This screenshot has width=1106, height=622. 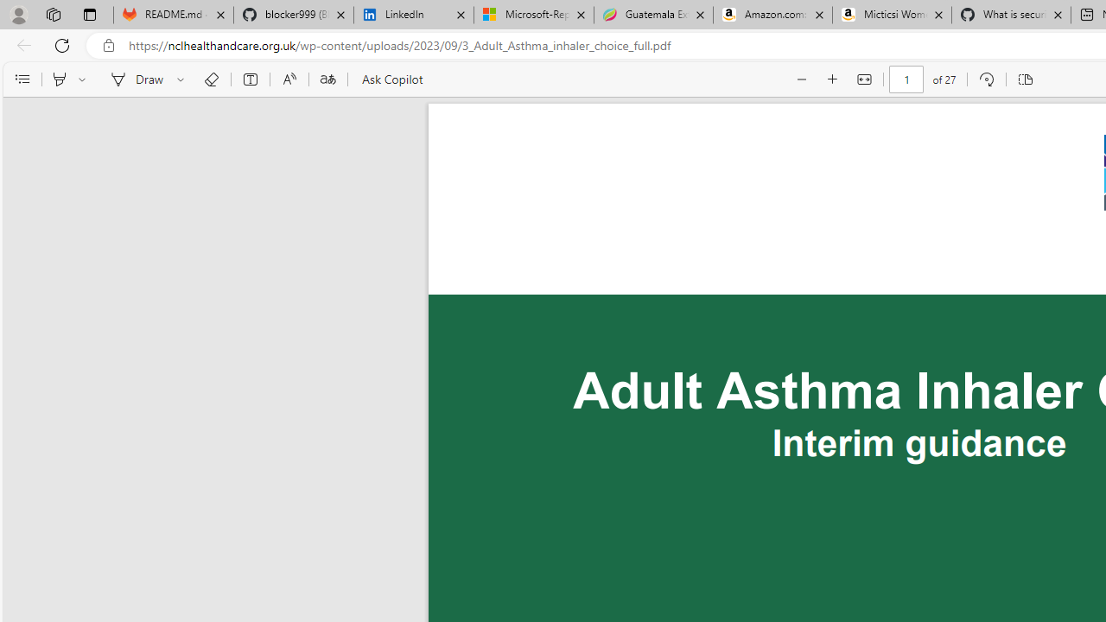 I want to click on 'Read aloud', so click(x=289, y=79).